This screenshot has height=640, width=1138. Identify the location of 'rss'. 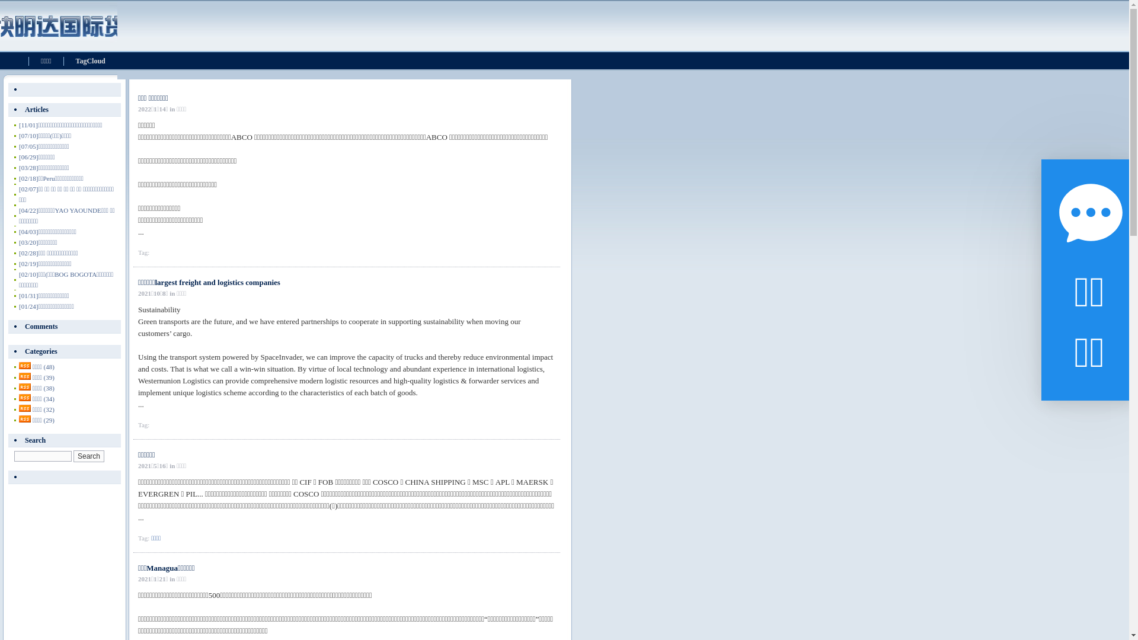
(25, 398).